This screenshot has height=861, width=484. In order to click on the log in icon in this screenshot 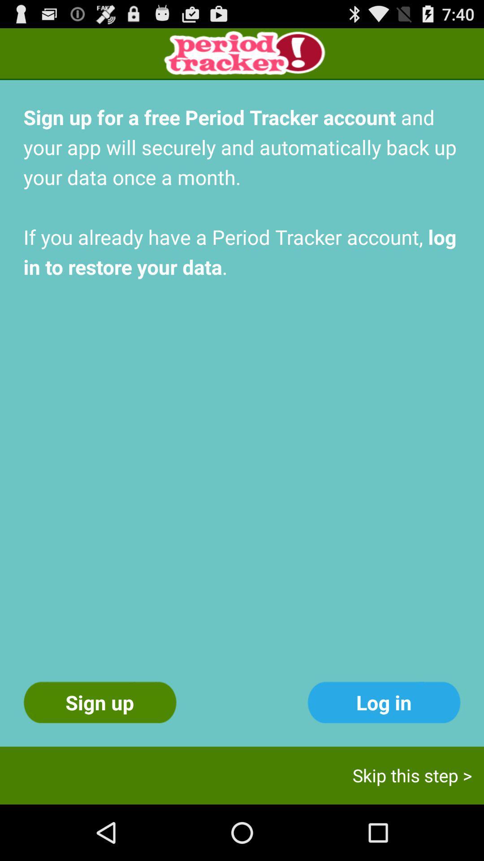, I will do `click(383, 702)`.